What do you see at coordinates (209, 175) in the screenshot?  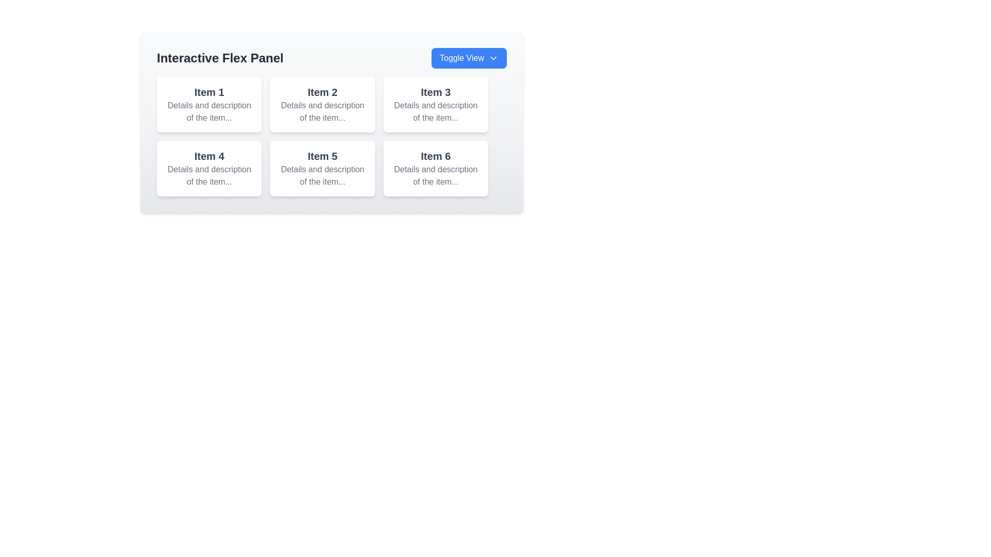 I see `the text label displaying 'Details and description of the item...' which is located below the 'Item 4' heading in a grid layout` at bounding box center [209, 175].